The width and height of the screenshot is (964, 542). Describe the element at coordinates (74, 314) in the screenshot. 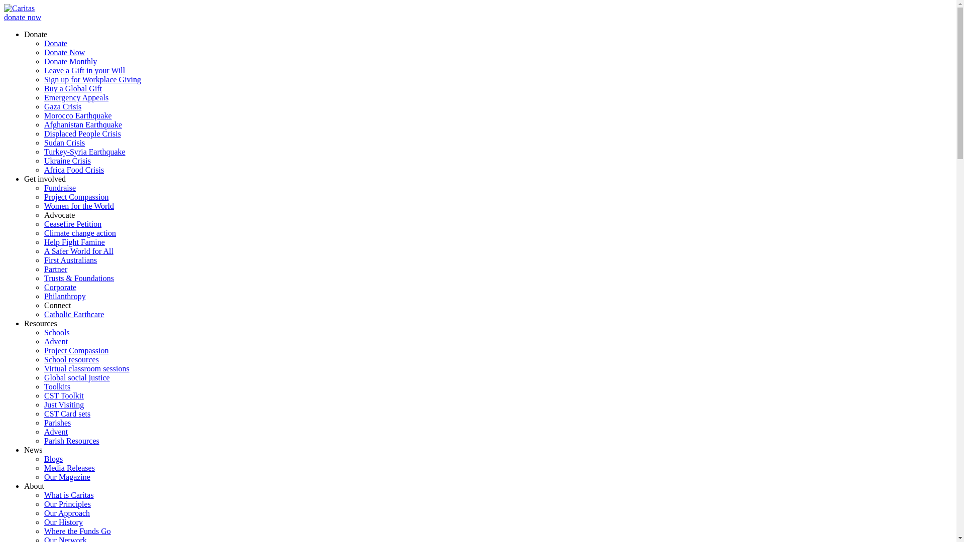

I see `'Catholic Earthcare'` at that location.